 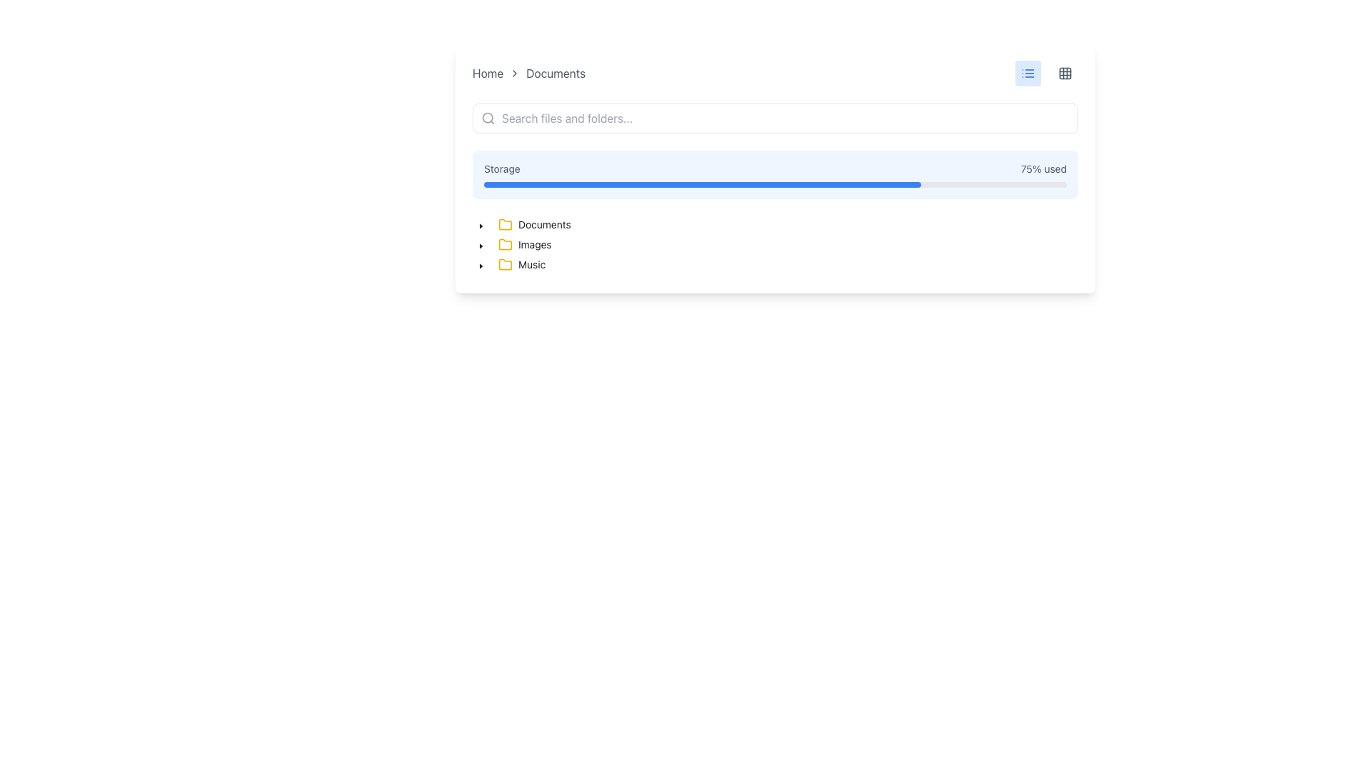 I want to click on the downward caret icon next to the 'Music' label in the document navigation tree, so click(x=481, y=264).